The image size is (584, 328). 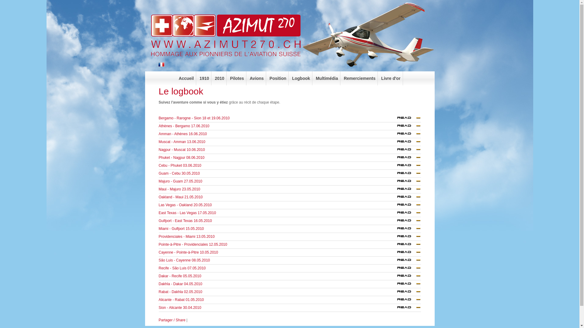 What do you see at coordinates (407, 301) in the screenshot?
I see `'Alicante - Rabat 01.05.2010'` at bounding box center [407, 301].